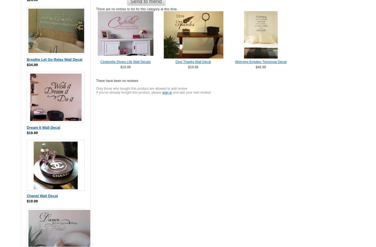 This screenshot has width=376, height=247. Describe the element at coordinates (42, 195) in the screenshot. I see `'Chanel Wall Decal'` at that location.